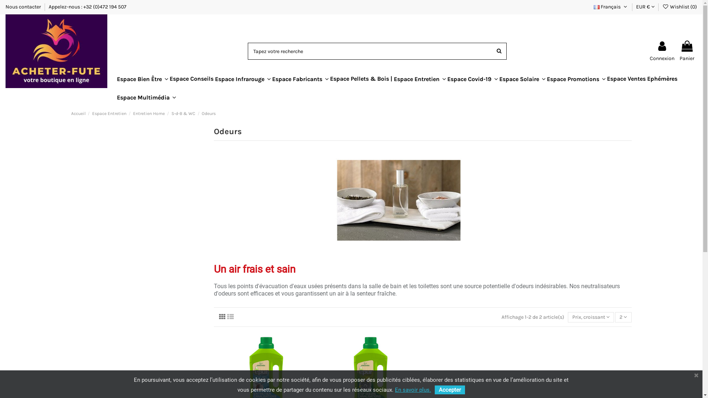 This screenshot has width=708, height=398. Describe the element at coordinates (48, 7) in the screenshot. I see `'Appelez-nous : +32 (0)472 194 507'` at that location.